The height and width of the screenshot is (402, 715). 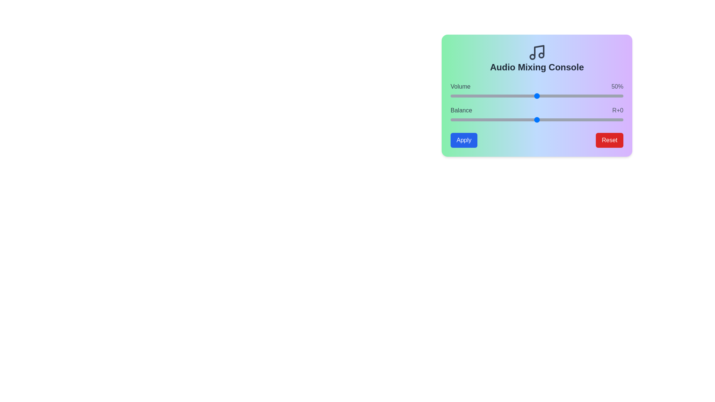 I want to click on the 'Volume' label and value display element located in the 'Audio Mixing Console' section, which shows '50%' on the right and a slider beneath it, so click(x=537, y=86).